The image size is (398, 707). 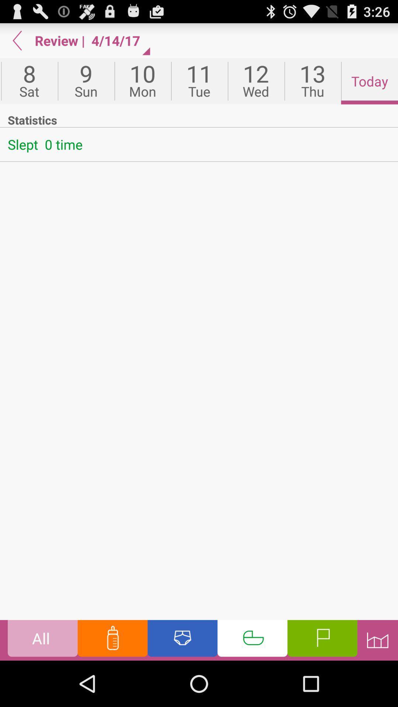 I want to click on the arrow_backward icon, so click(x=17, y=43).